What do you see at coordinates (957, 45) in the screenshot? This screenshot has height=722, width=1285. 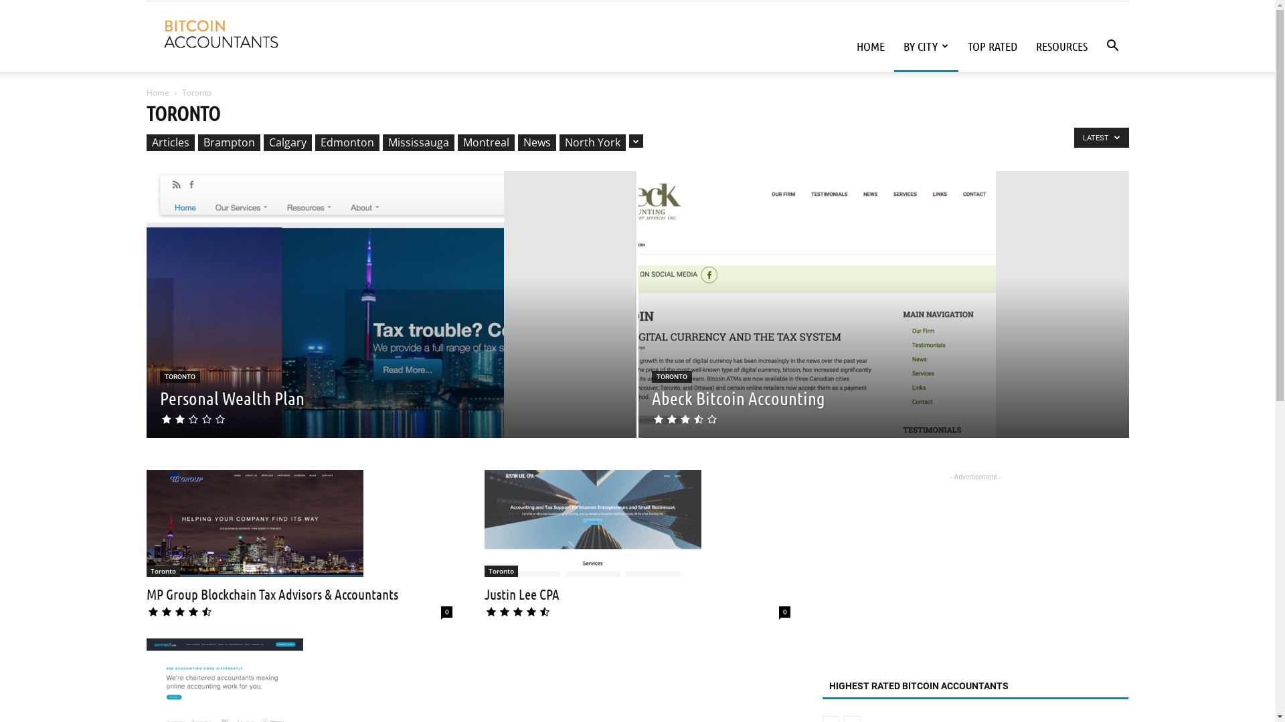 I see `'TOP RATED'` at bounding box center [957, 45].